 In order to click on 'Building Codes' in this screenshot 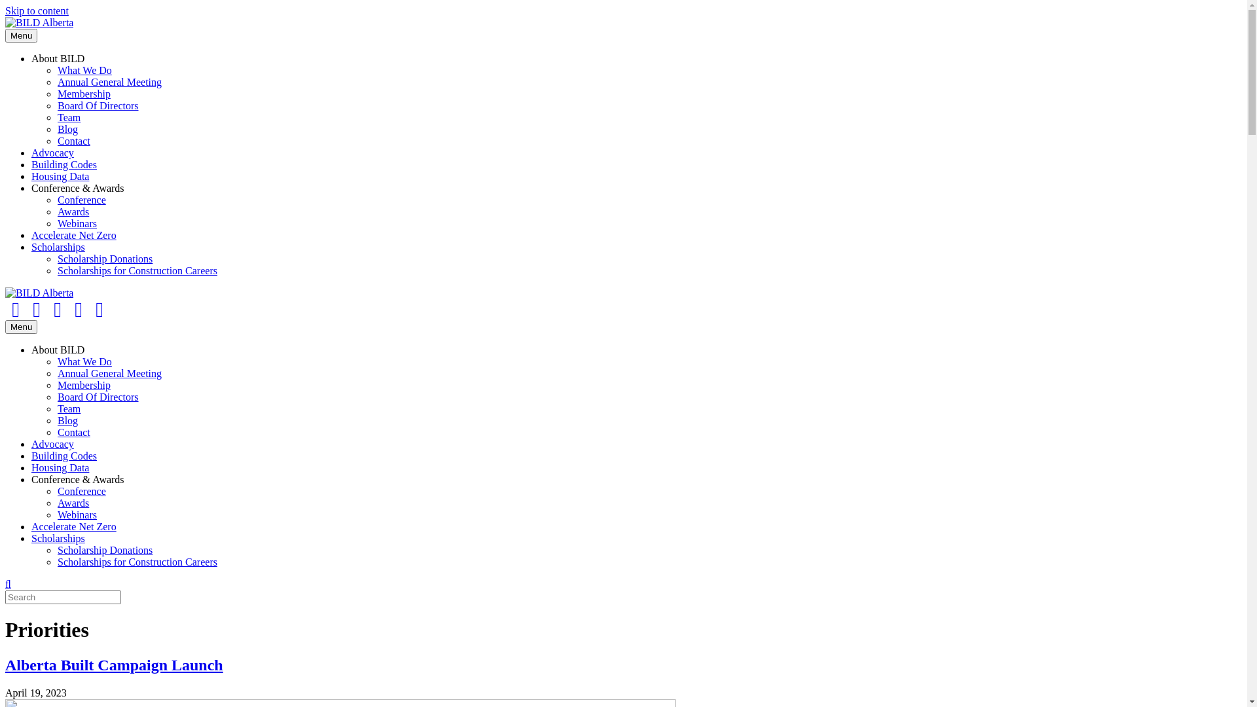, I will do `click(63, 455)`.